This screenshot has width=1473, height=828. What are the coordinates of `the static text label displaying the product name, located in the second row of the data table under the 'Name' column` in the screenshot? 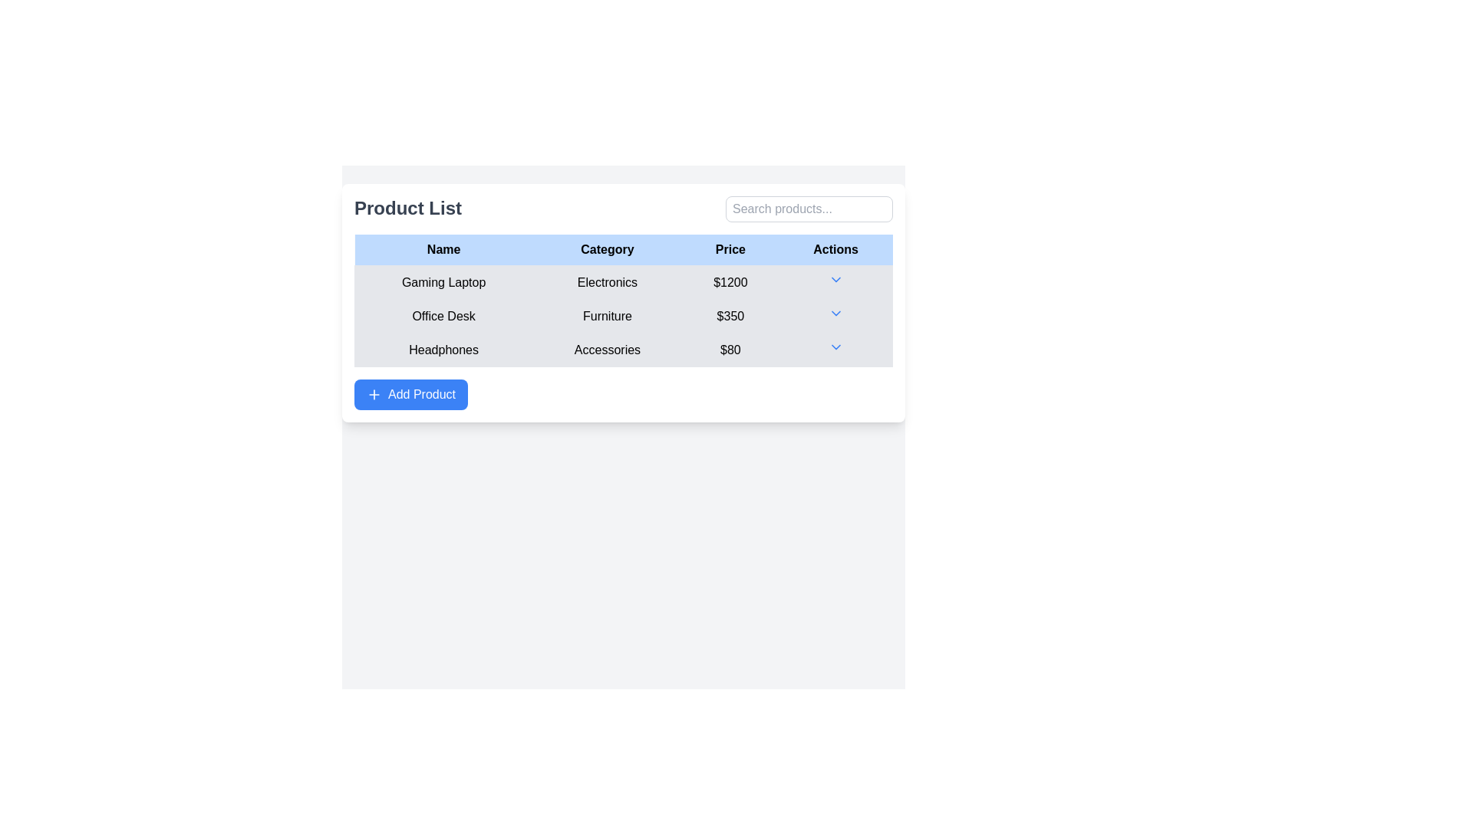 It's located at (443, 315).